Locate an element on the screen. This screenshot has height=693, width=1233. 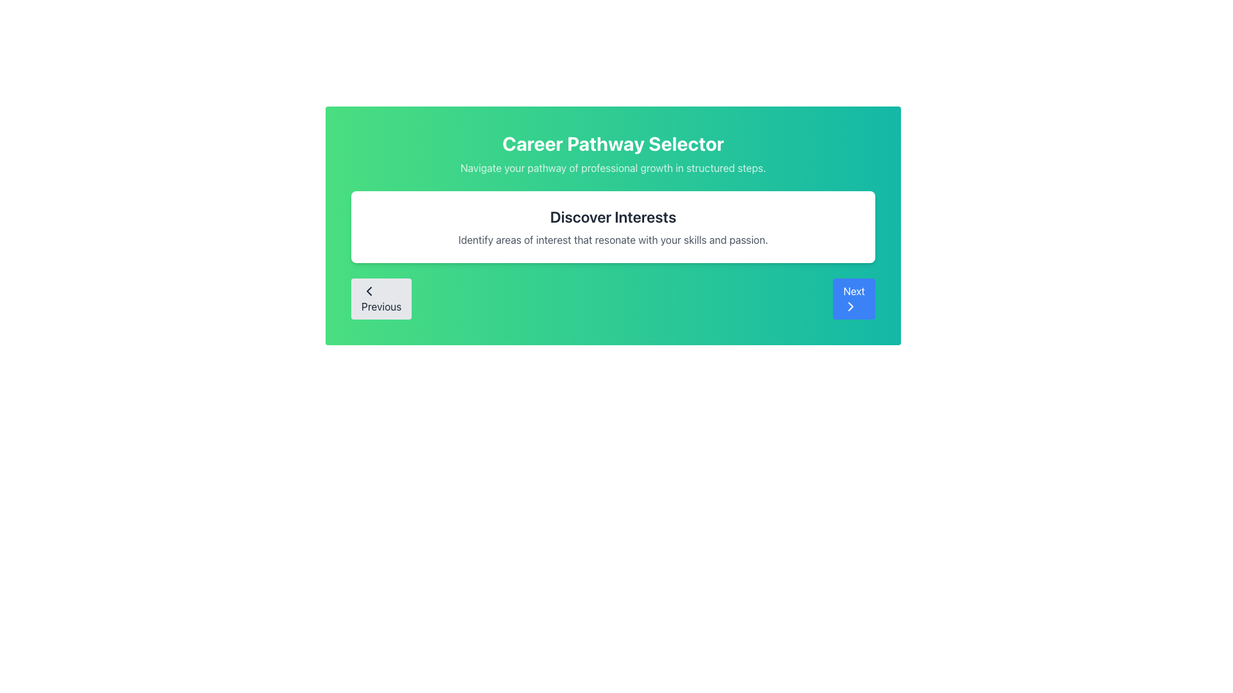
the left-facing arrow icon inside the gray button labeled 'Previous' is located at coordinates (369, 291).